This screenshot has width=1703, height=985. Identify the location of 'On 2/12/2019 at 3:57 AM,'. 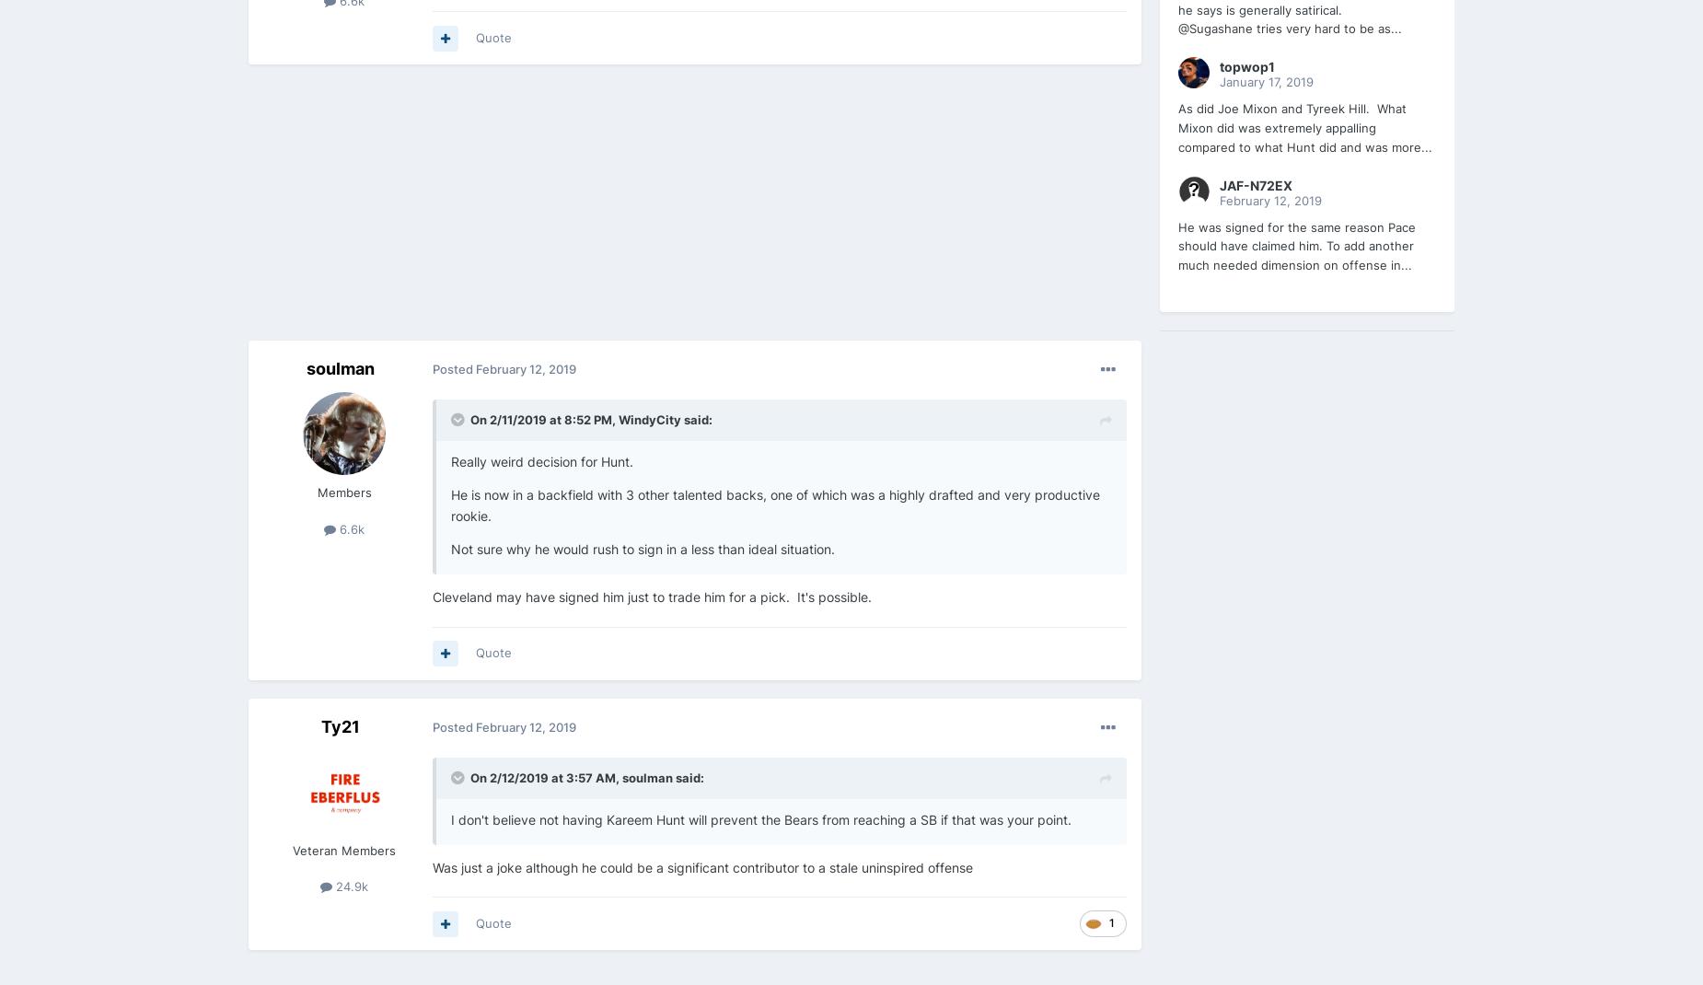
(546, 777).